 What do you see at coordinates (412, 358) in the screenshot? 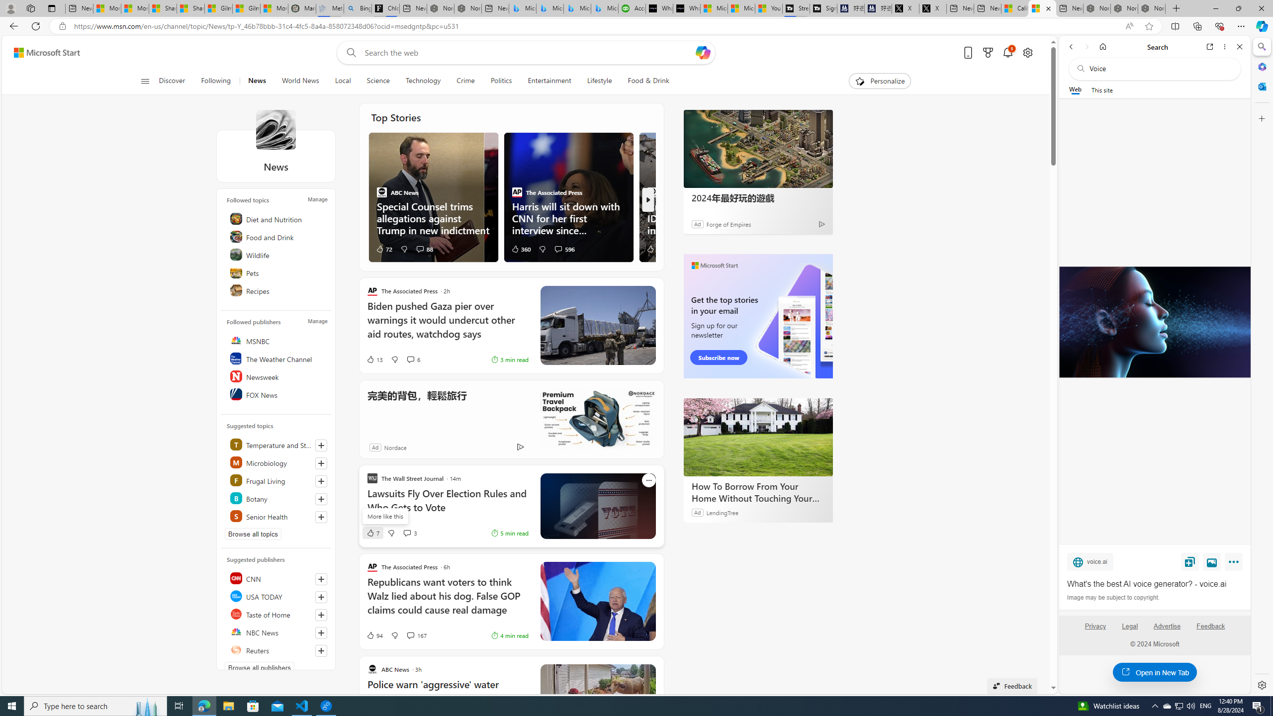
I see `'View comments 6 Comment'` at bounding box center [412, 358].